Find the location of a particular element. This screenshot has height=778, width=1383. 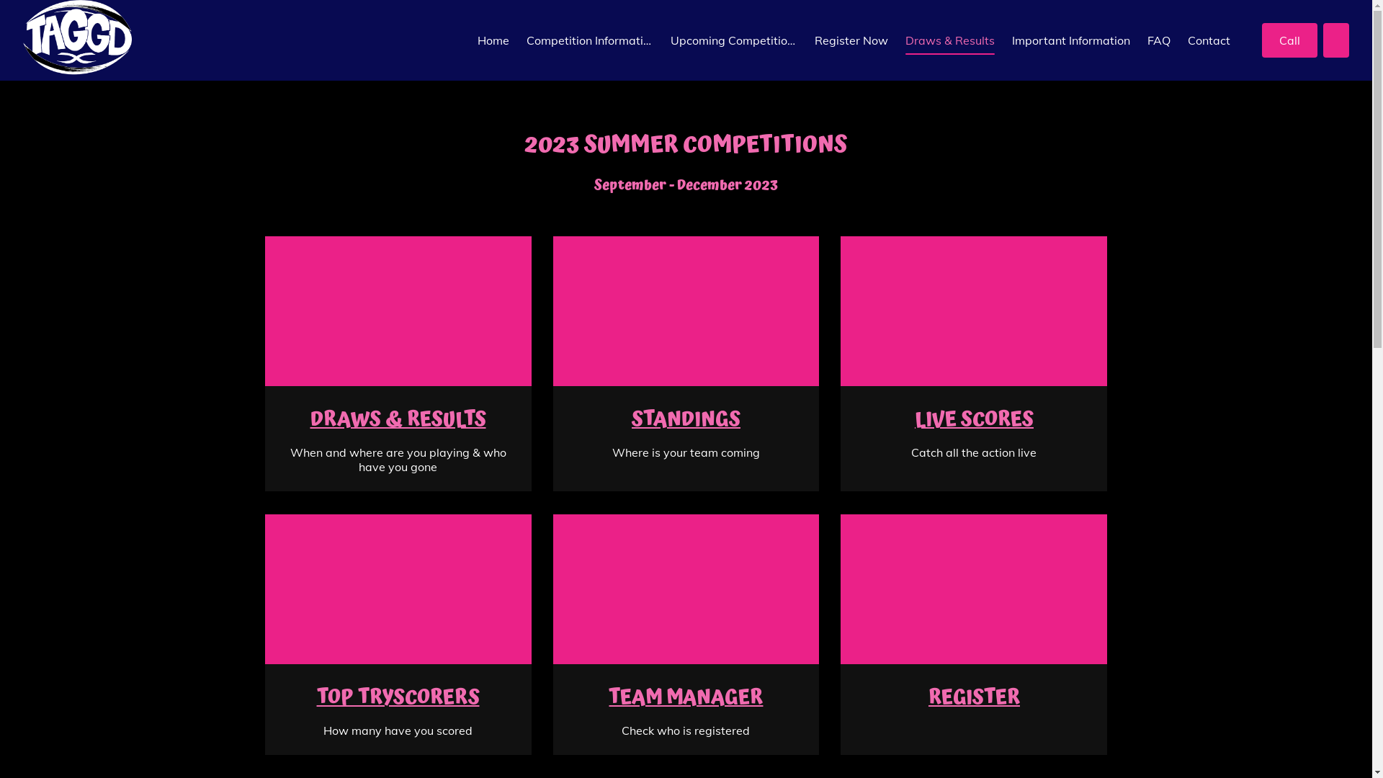

'Call' is located at coordinates (1261, 40).